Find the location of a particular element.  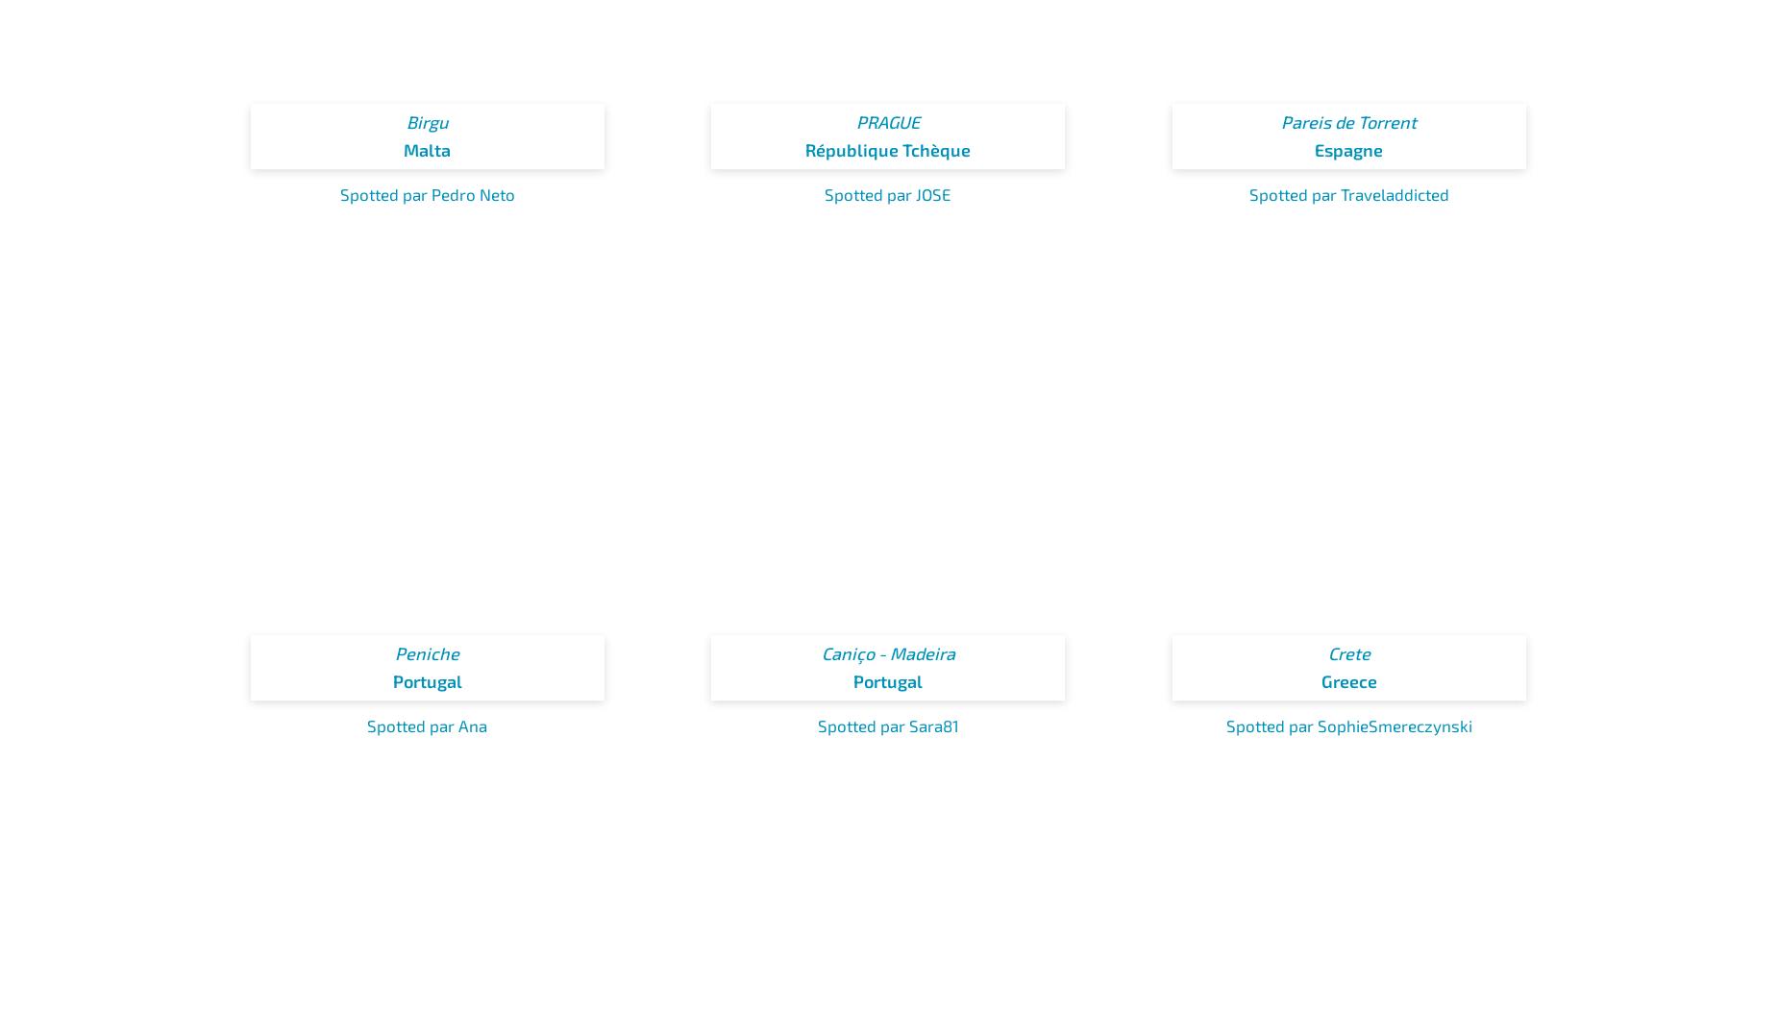

'Espagne' is located at coordinates (1314, 149).